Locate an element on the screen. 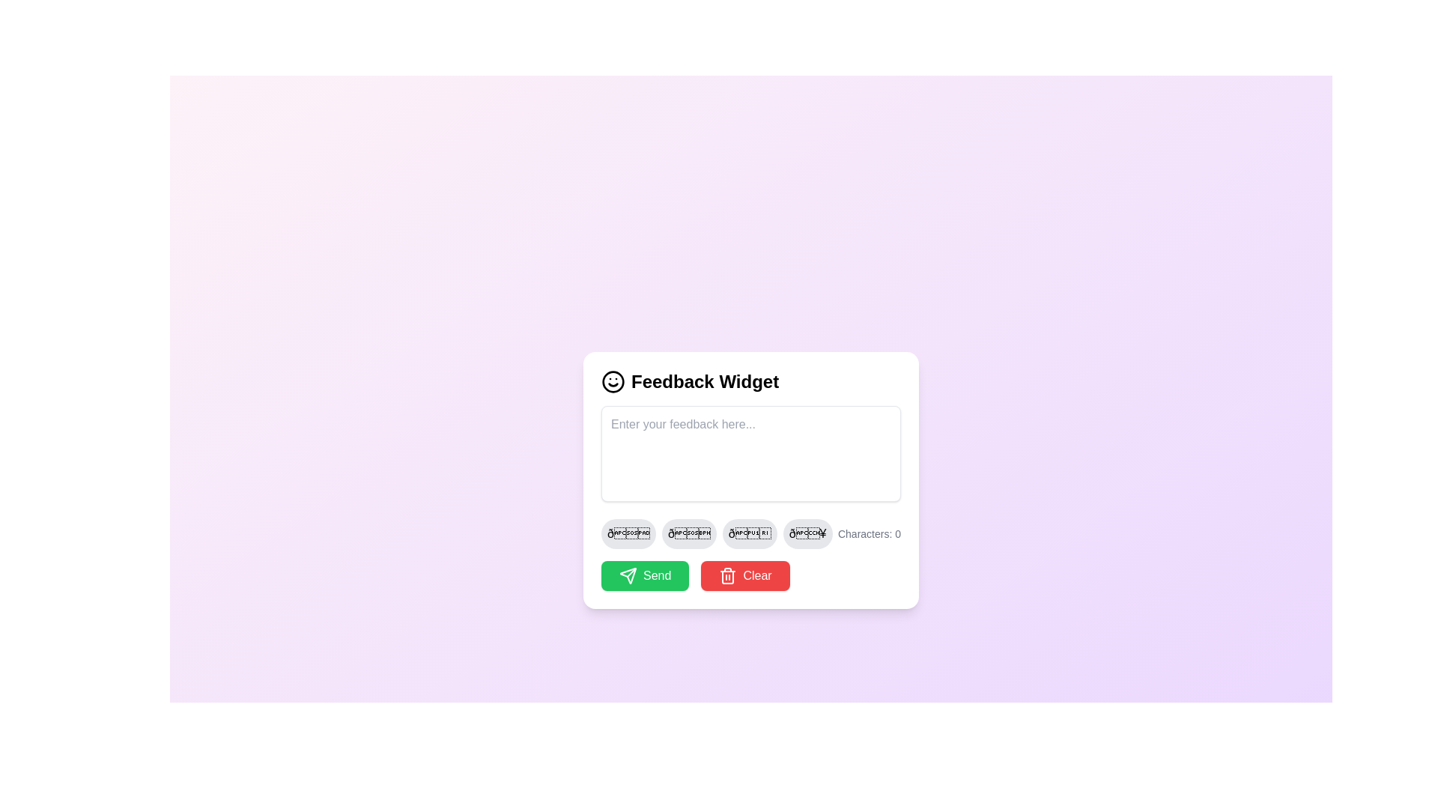 This screenshot has height=809, width=1438. the fourth and rightmost circular button located at the bottom center of the feedback widget interface is located at coordinates (807, 533).